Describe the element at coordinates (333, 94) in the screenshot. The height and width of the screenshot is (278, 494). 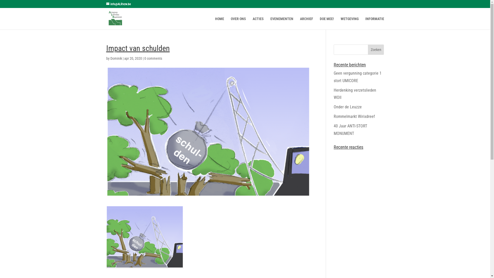
I see `'Herdenking verzetslieden WOII'` at that location.